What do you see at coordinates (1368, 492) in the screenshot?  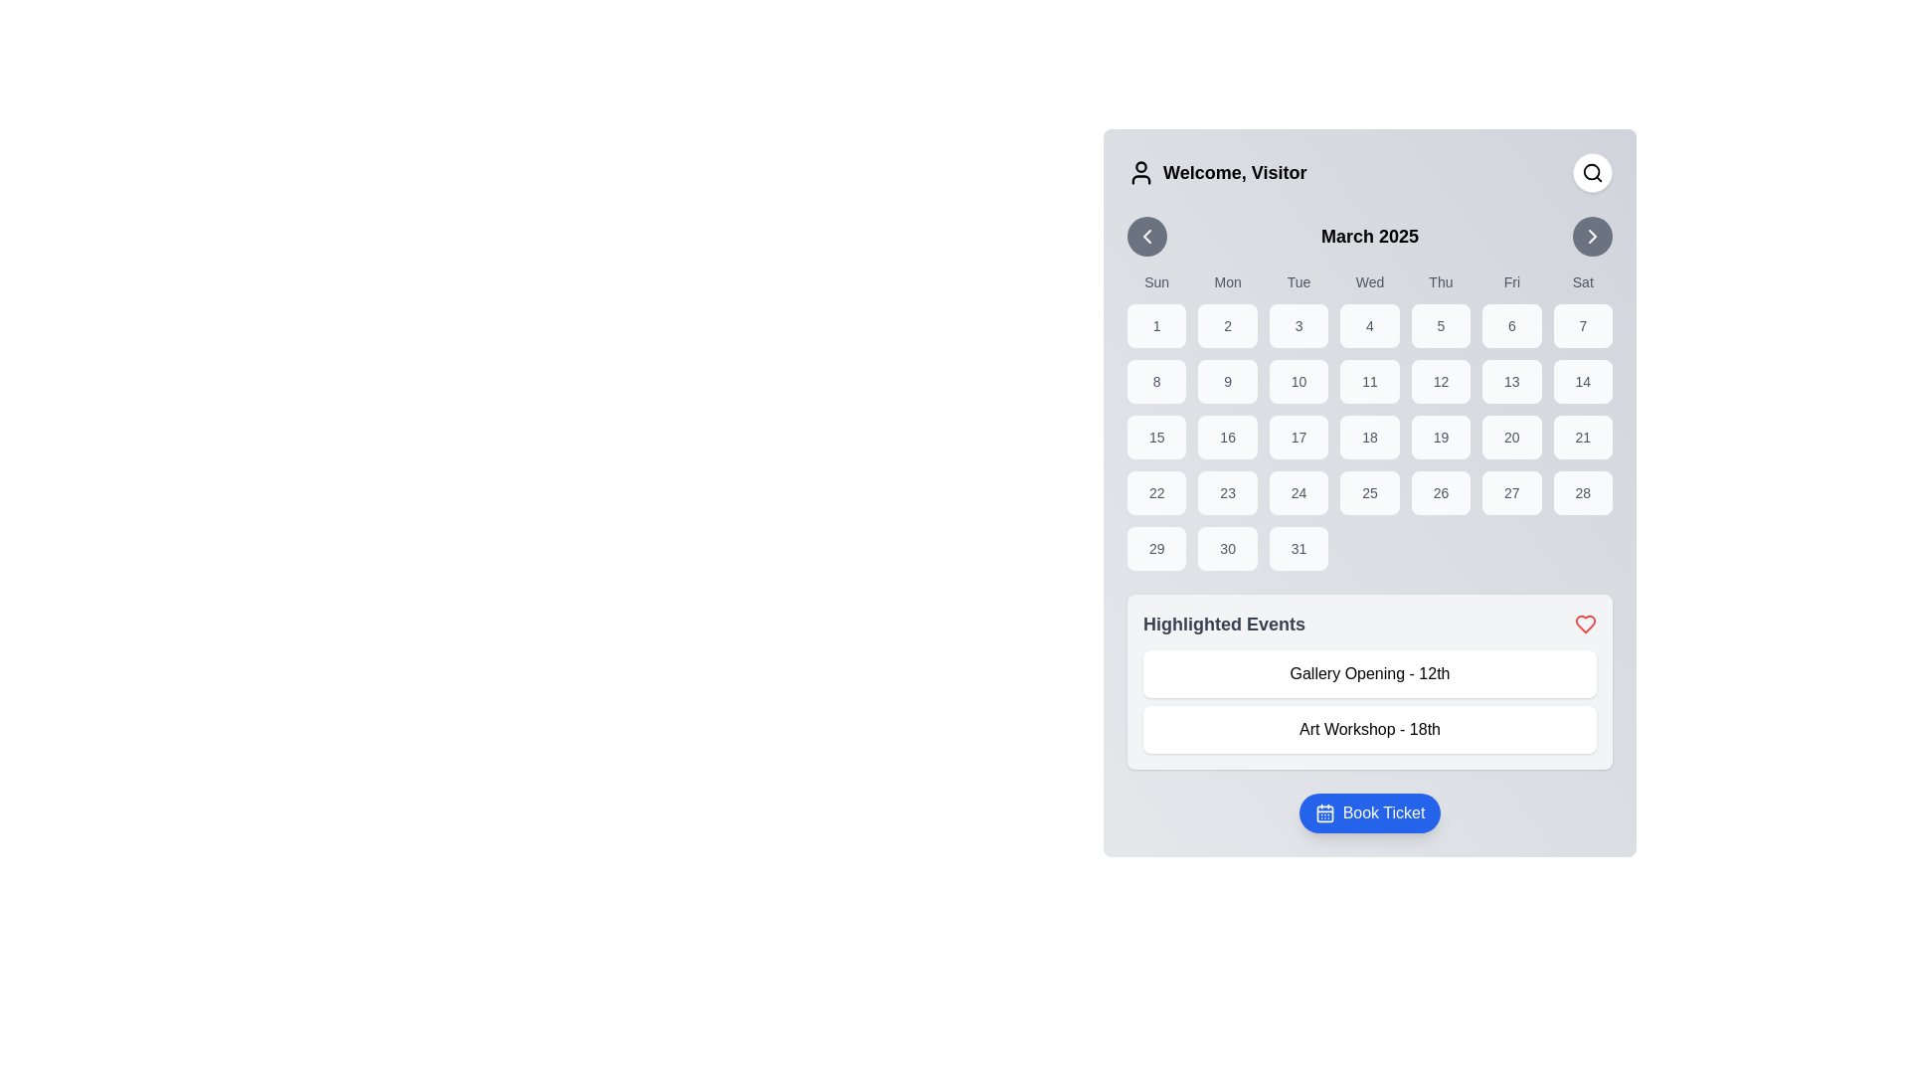 I see `the rounded rectangular button labeled '25' in the date buttons of the calendar grid, which corresponds to Wednesday of the fifth week in March 2025` at bounding box center [1368, 492].